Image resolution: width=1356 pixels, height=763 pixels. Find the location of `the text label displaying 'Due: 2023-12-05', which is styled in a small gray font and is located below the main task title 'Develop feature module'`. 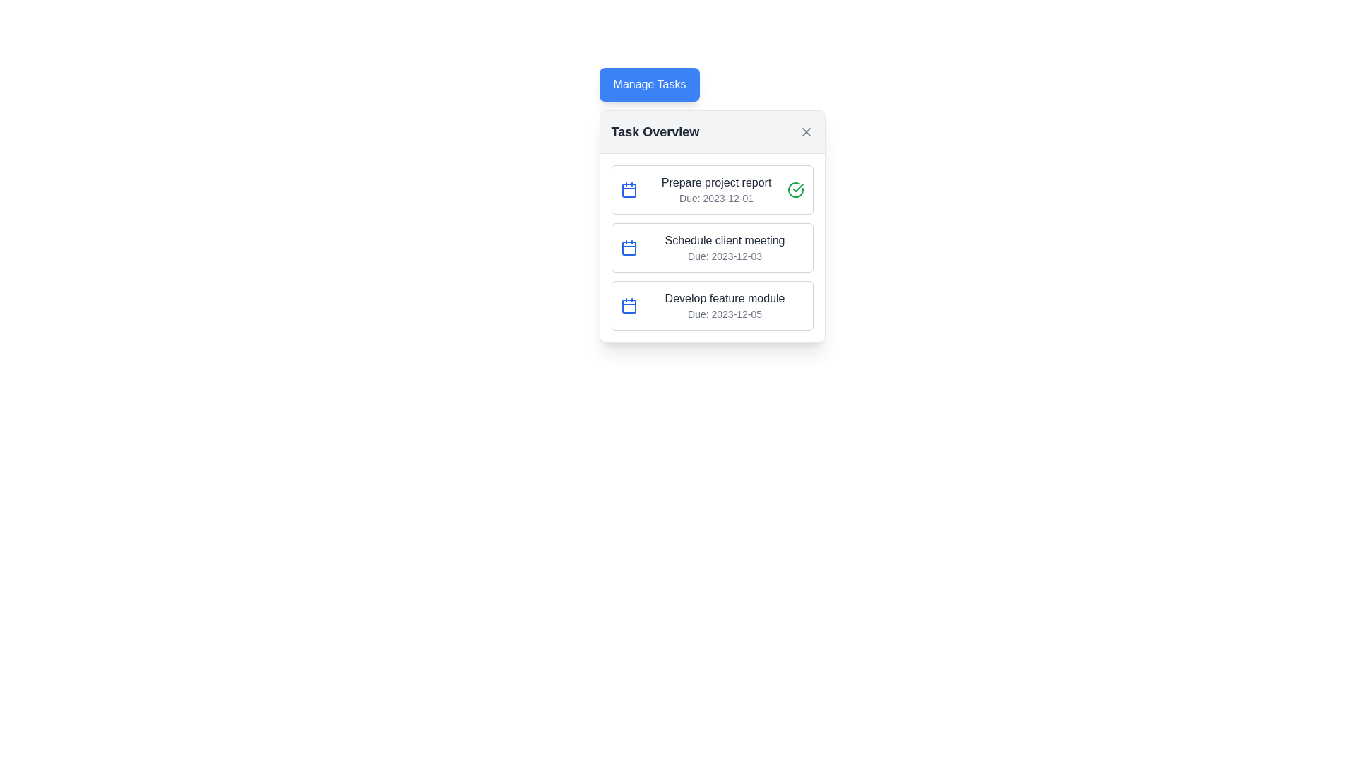

the text label displaying 'Due: 2023-12-05', which is styled in a small gray font and is located below the main task title 'Develop feature module' is located at coordinates (725, 313).